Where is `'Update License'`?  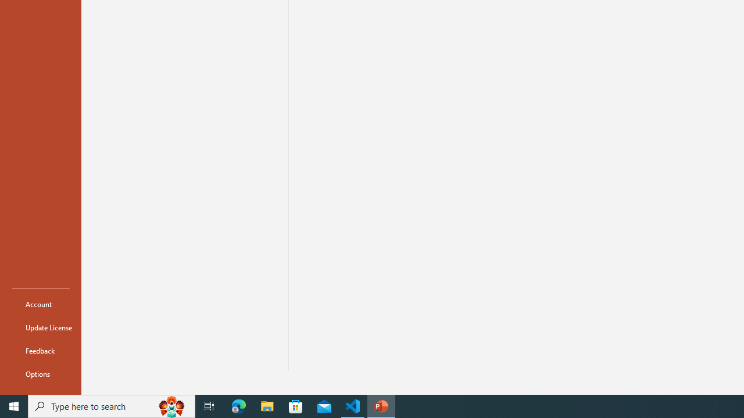
'Update License' is located at coordinates (40, 327).